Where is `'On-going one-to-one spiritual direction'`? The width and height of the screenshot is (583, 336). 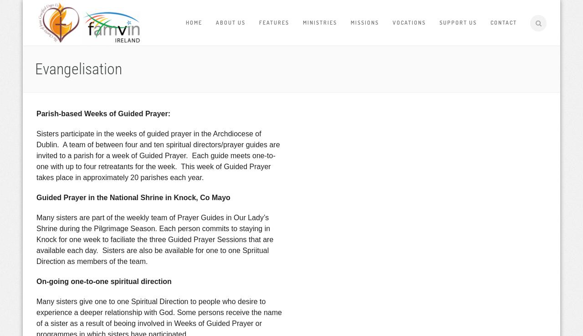
'On-going one-to-one spiritual direction' is located at coordinates (36, 281).